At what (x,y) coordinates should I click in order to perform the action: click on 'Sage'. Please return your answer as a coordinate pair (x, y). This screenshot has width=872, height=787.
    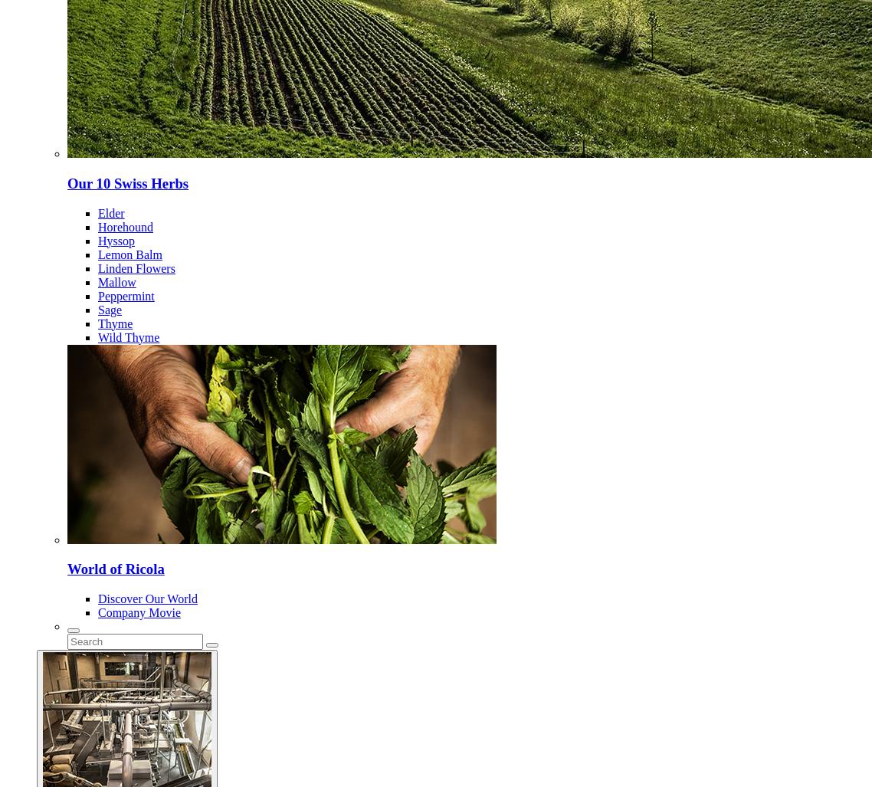
    Looking at the image, I should click on (110, 308).